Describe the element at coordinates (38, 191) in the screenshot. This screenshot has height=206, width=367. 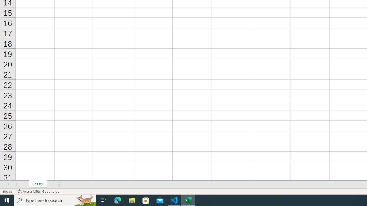
I see `'Accessibility Checker Accessibility: Good to go'` at that location.